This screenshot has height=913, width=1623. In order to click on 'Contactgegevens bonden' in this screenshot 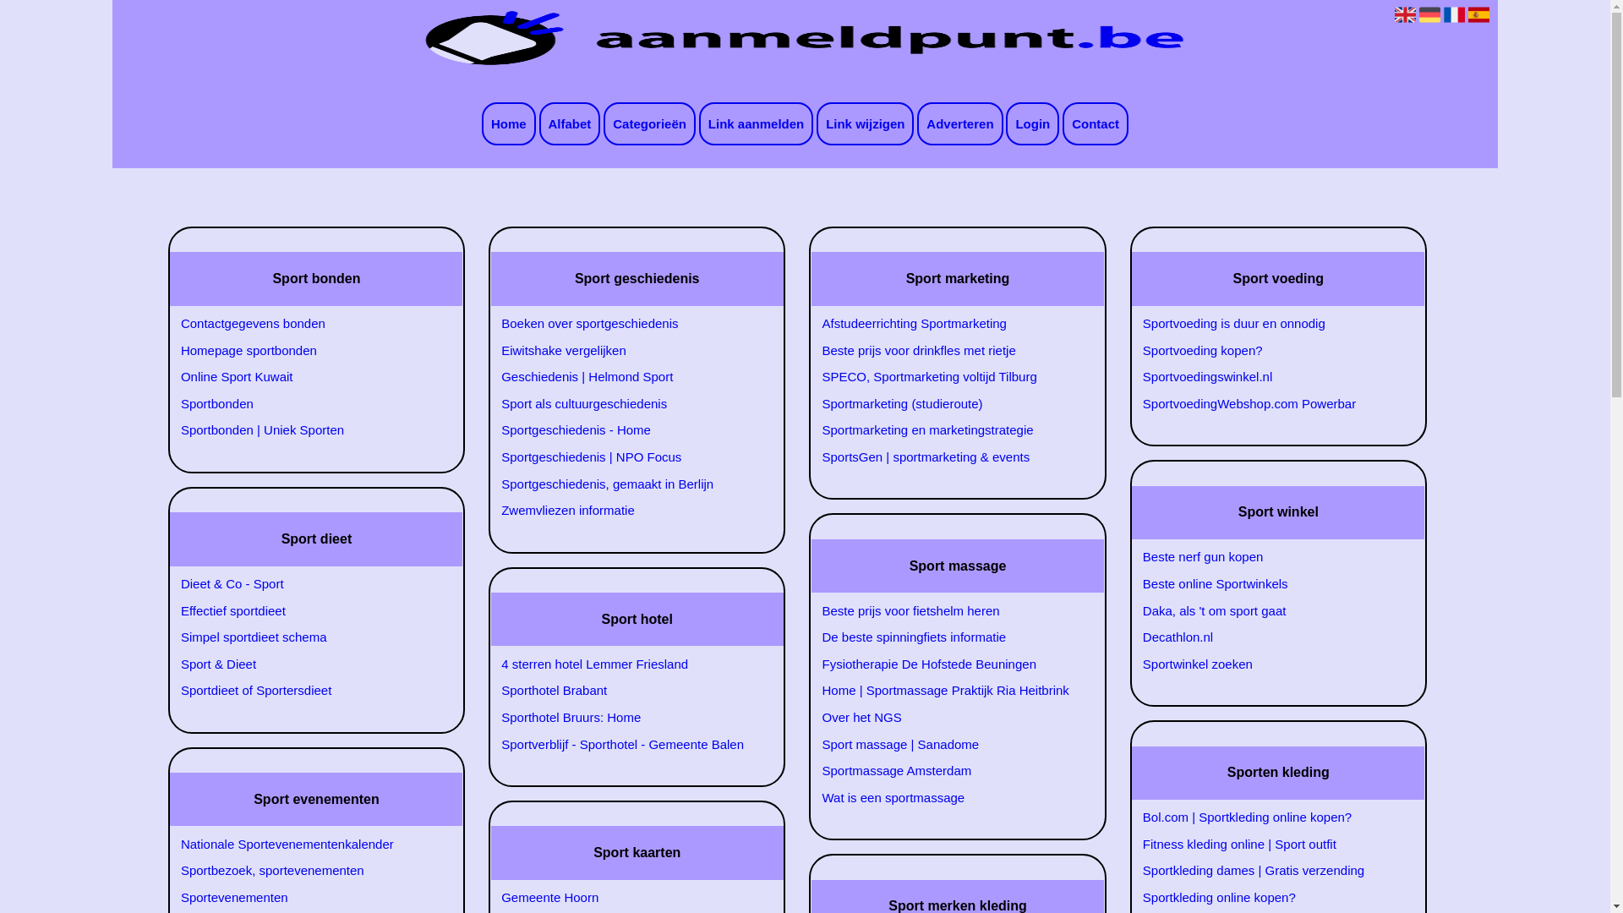, I will do `click(307, 323)`.